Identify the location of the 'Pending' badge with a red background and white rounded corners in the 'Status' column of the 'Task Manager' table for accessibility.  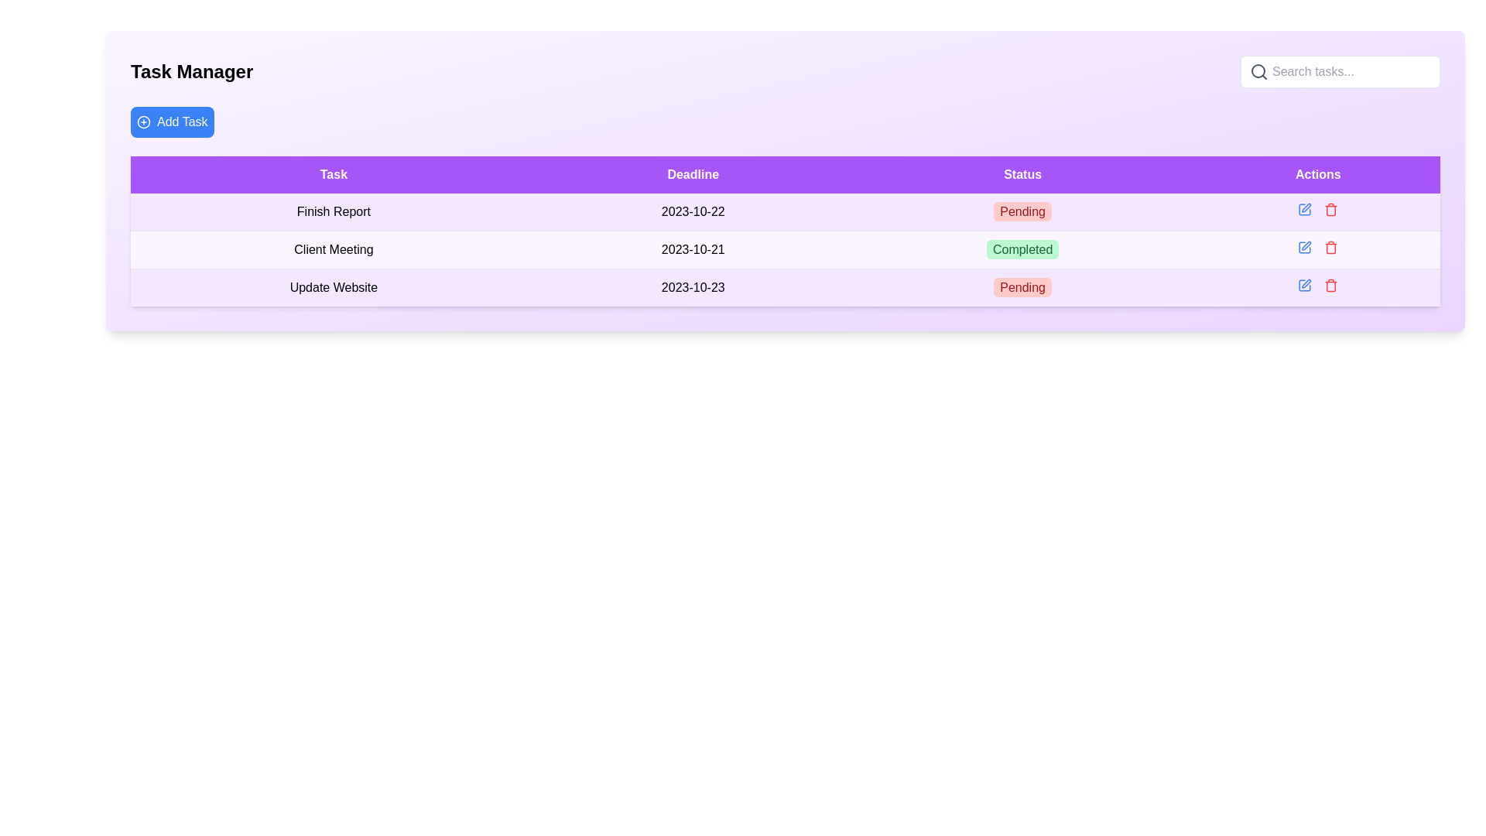
(1022, 287).